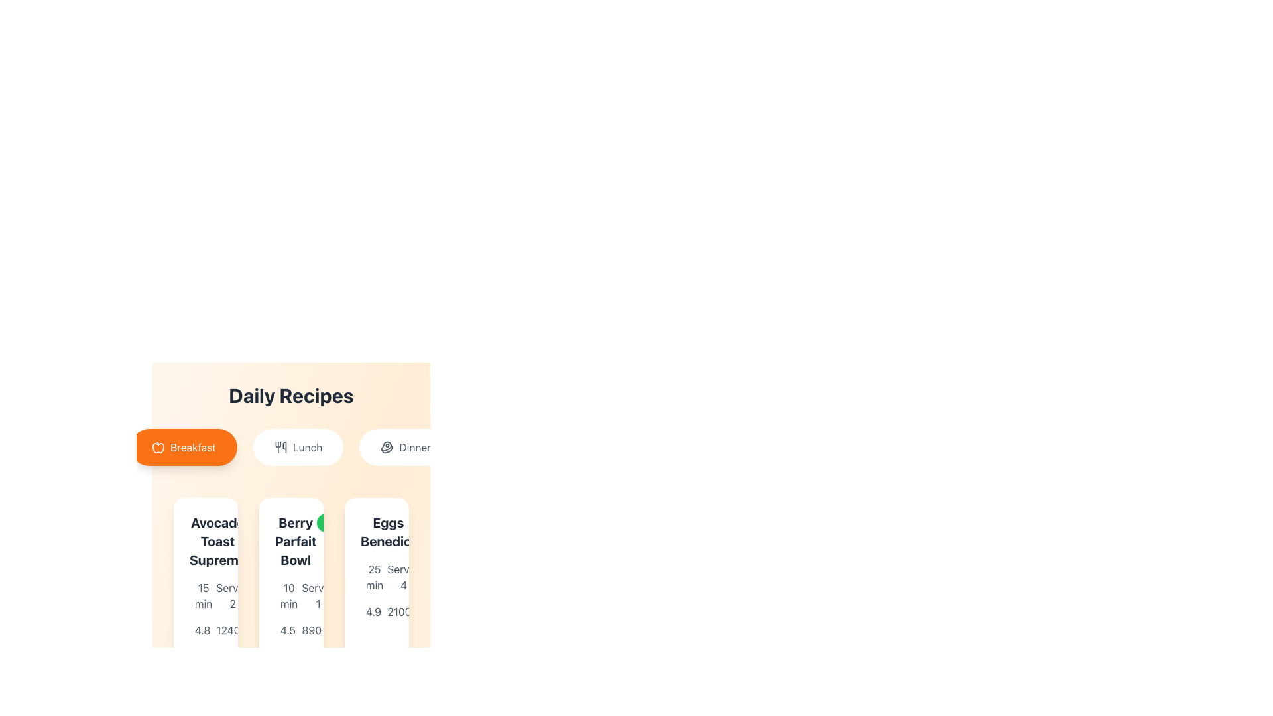 This screenshot has width=1273, height=716. I want to click on the static text displaying '10 min' with an orange clock icon, located under the 'Berry Parfait Bowl' heading, so click(290, 609).